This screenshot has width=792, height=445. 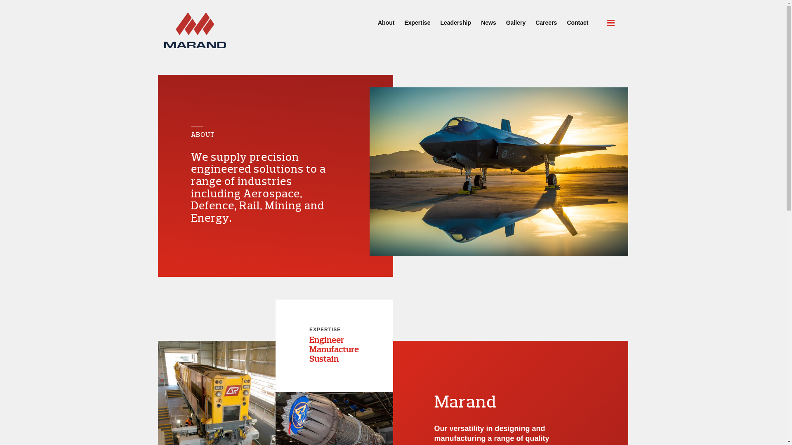 What do you see at coordinates (334, 349) in the screenshot?
I see `'Manufacture'` at bounding box center [334, 349].